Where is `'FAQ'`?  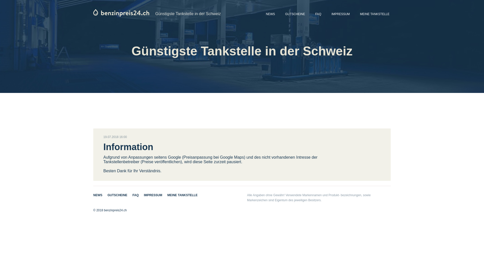 'FAQ' is located at coordinates (318, 14).